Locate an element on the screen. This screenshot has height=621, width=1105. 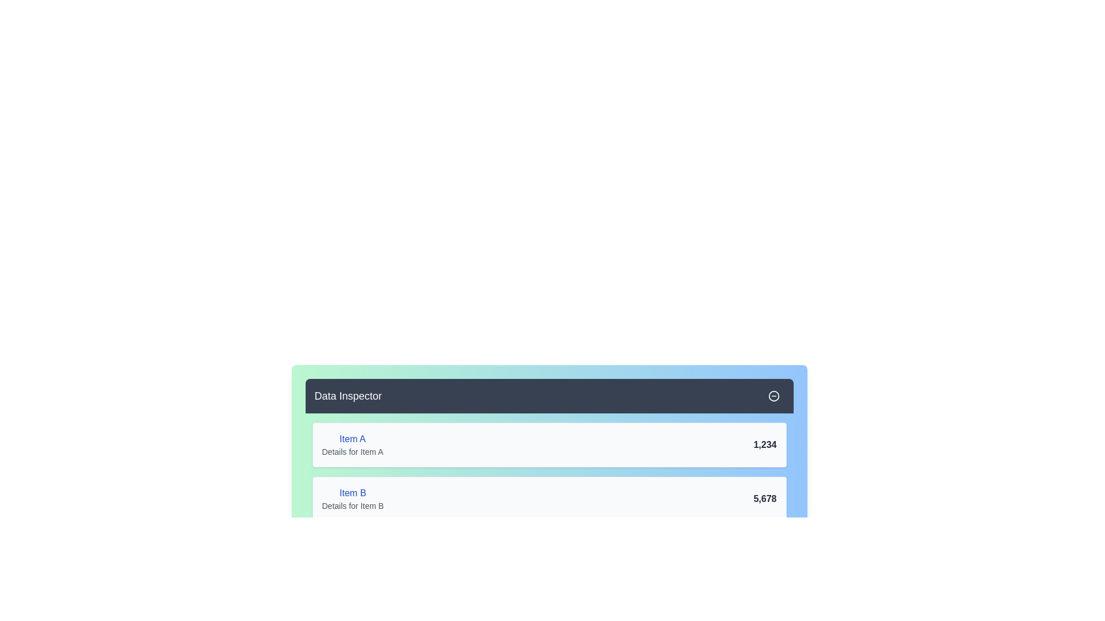
the text label displaying 'Details for Item B', which is styled in gray color and positioned directly below the larger blue-highlighted text 'Item B' is located at coordinates (352, 505).